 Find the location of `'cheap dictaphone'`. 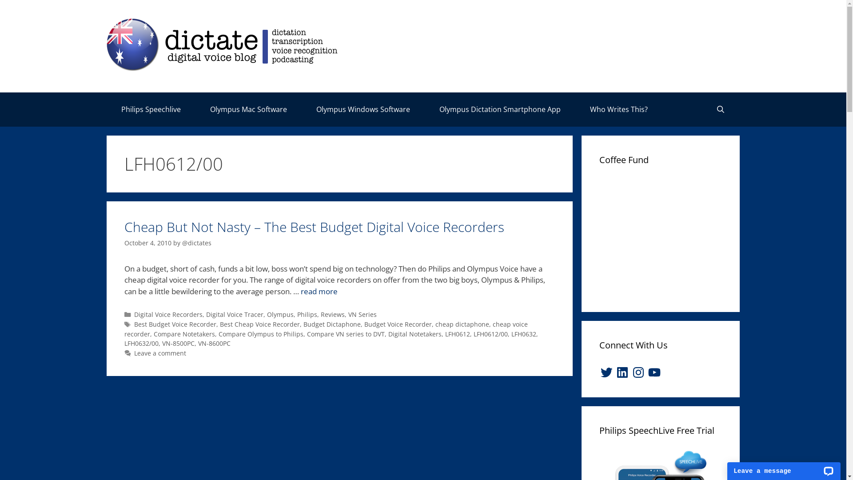

'cheap dictaphone' is located at coordinates (435, 324).